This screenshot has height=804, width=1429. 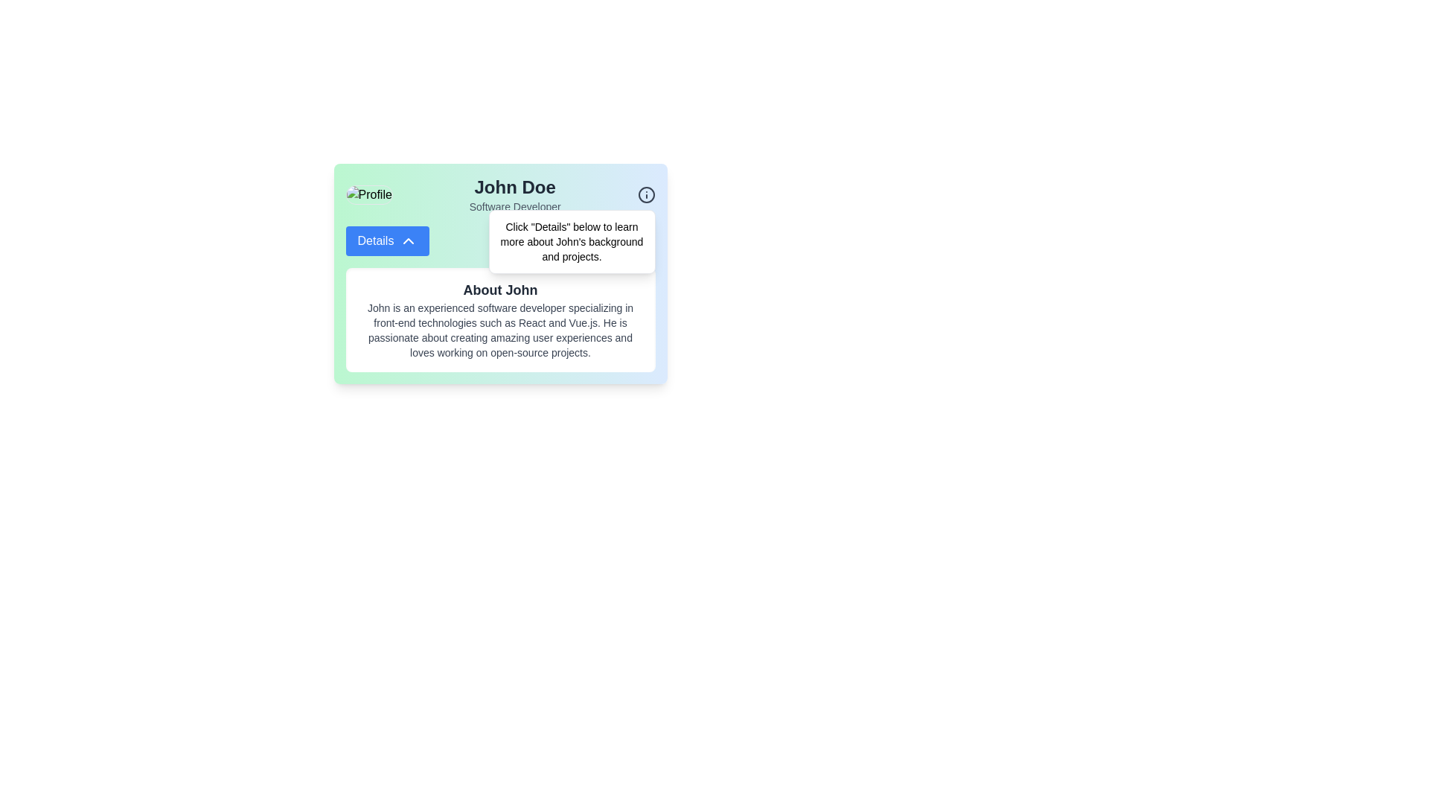 What do you see at coordinates (369, 194) in the screenshot?
I see `the Profile image located at the top-left of the card layout, to the left of the text 'John Doe' and 'Software Developer'` at bounding box center [369, 194].